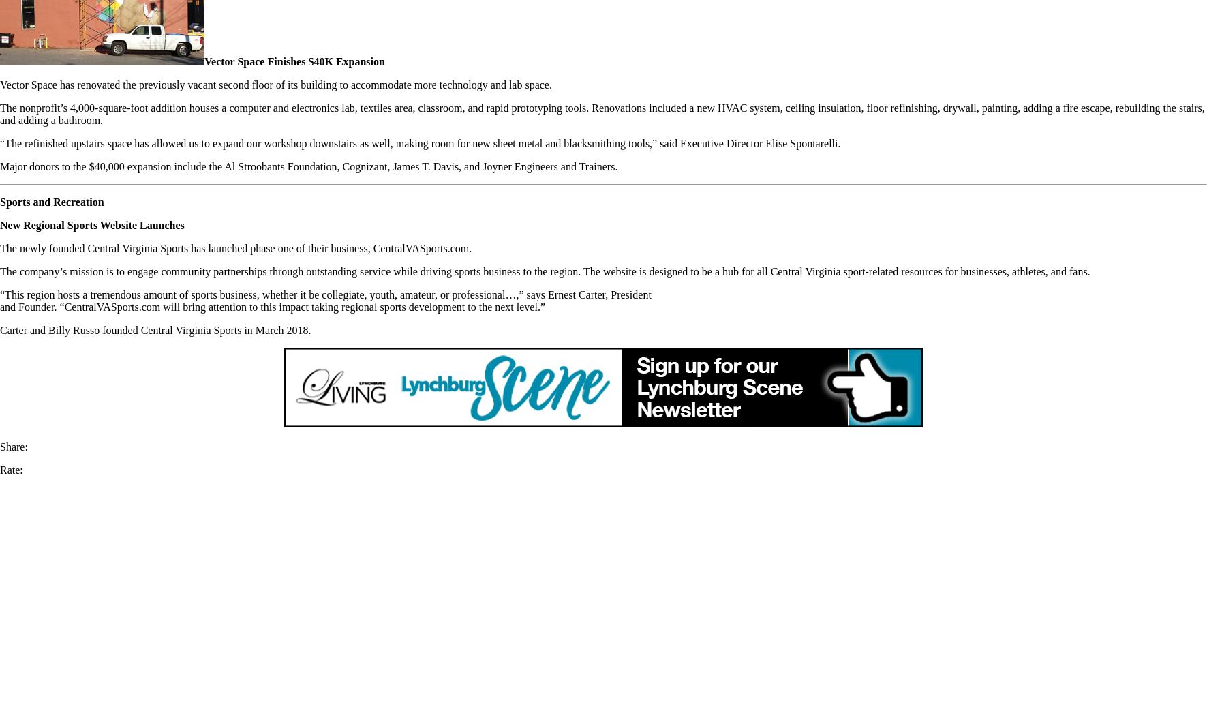 The height and width of the screenshot is (726, 1207). Describe the element at coordinates (155, 329) in the screenshot. I see `'Carter and Billy Russo founded Central Virginia Sports in March 2018.'` at that location.